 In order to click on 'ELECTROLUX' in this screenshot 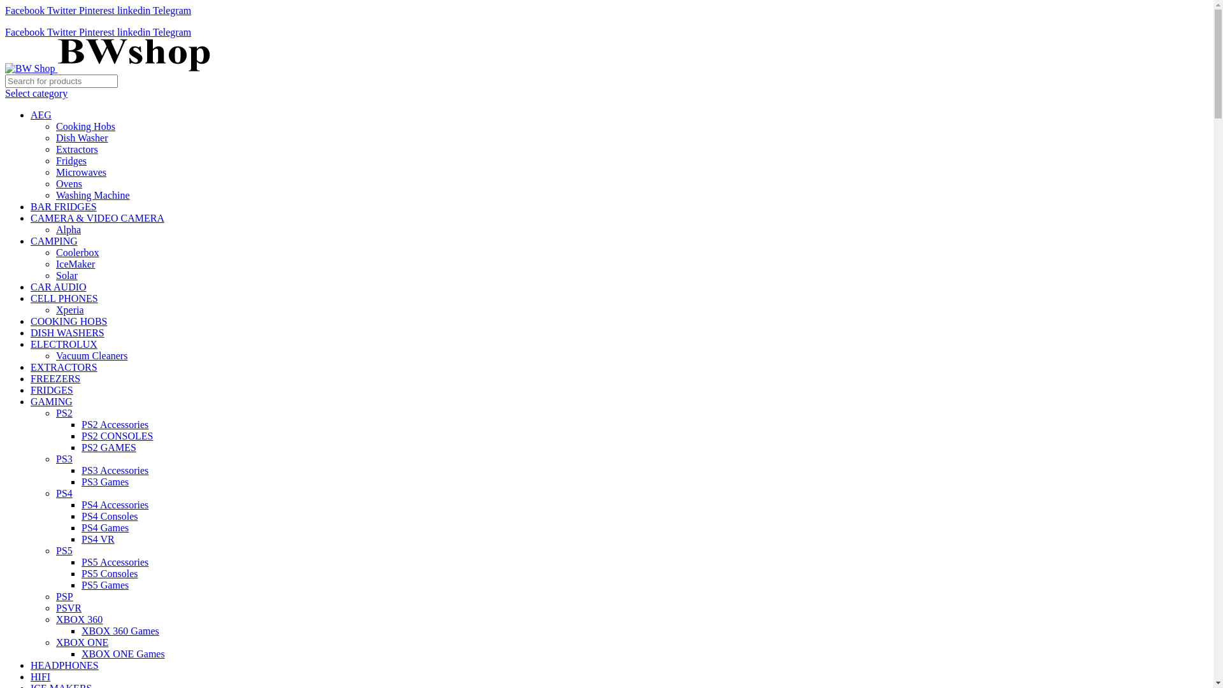, I will do `click(31, 344)`.